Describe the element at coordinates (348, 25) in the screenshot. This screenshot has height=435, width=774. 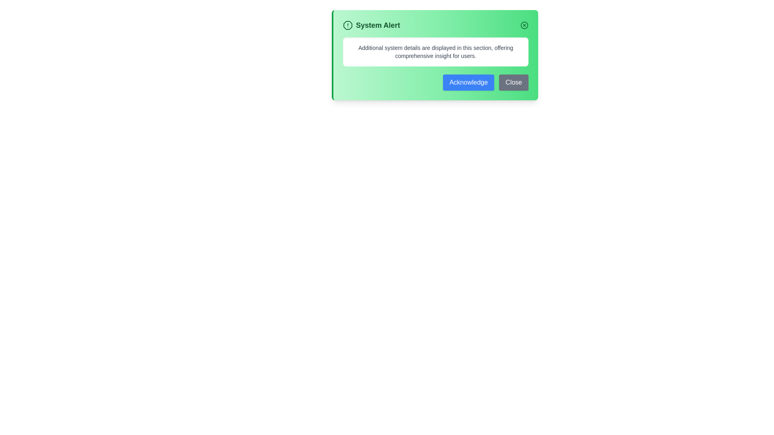
I see `the alert icon to observe its hover effect` at that location.